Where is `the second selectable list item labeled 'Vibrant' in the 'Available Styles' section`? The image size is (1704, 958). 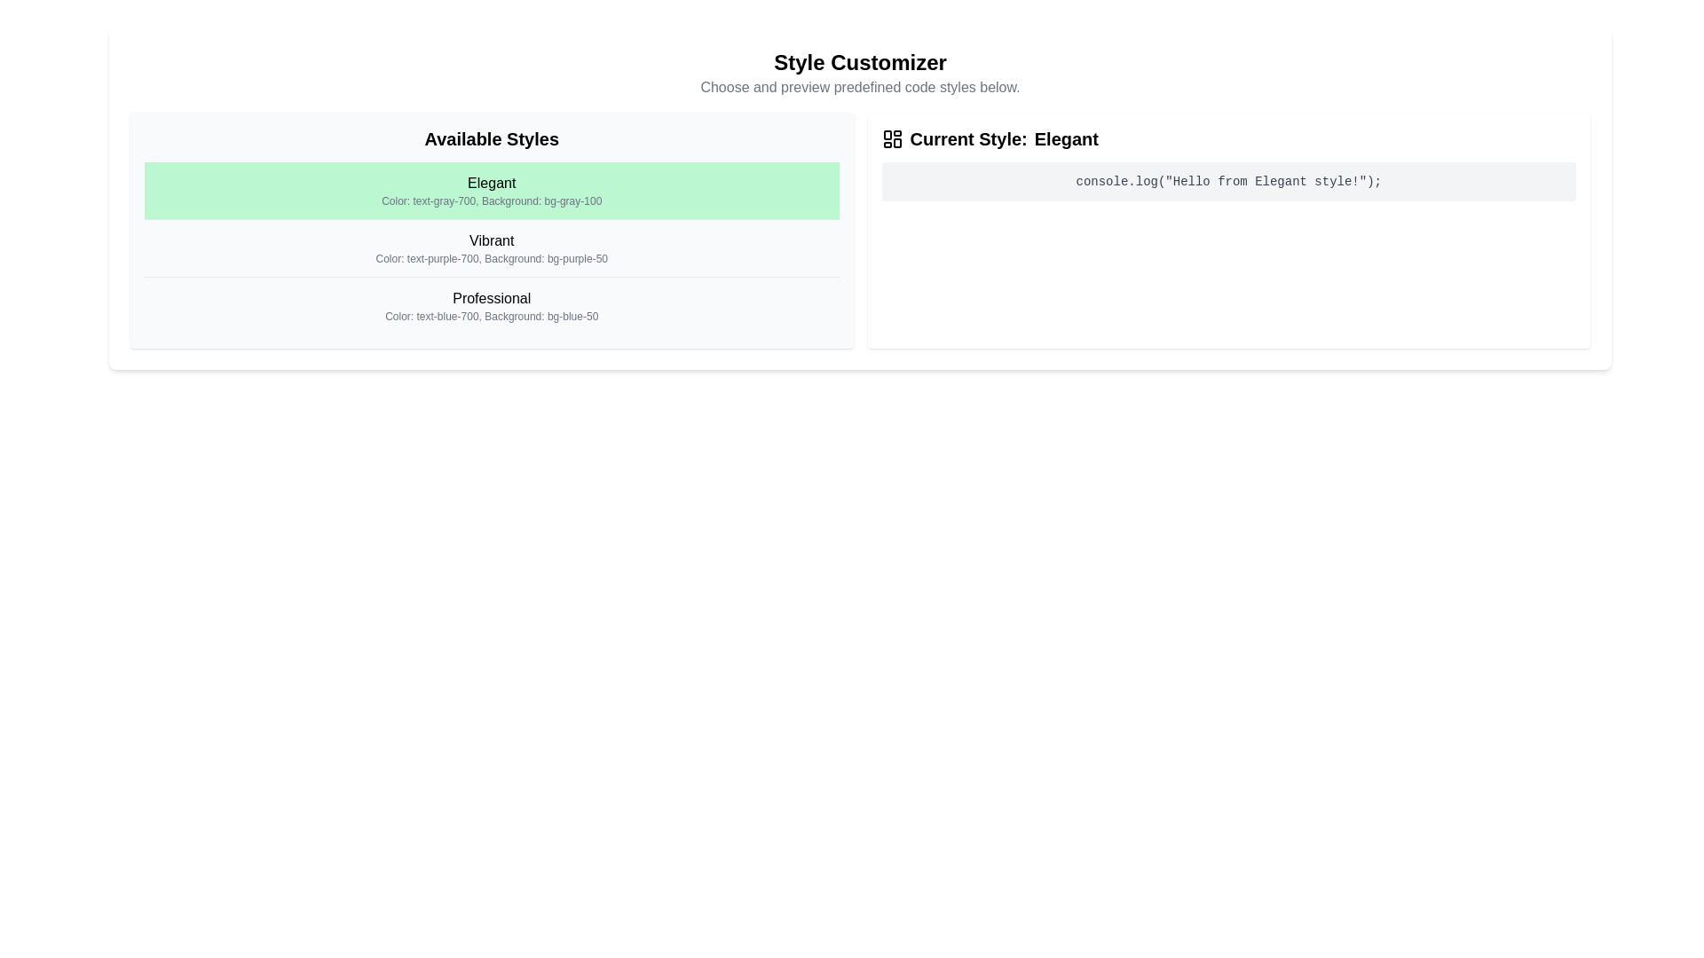
the second selectable list item labeled 'Vibrant' in the 'Available Styles' section is located at coordinates (492, 248).